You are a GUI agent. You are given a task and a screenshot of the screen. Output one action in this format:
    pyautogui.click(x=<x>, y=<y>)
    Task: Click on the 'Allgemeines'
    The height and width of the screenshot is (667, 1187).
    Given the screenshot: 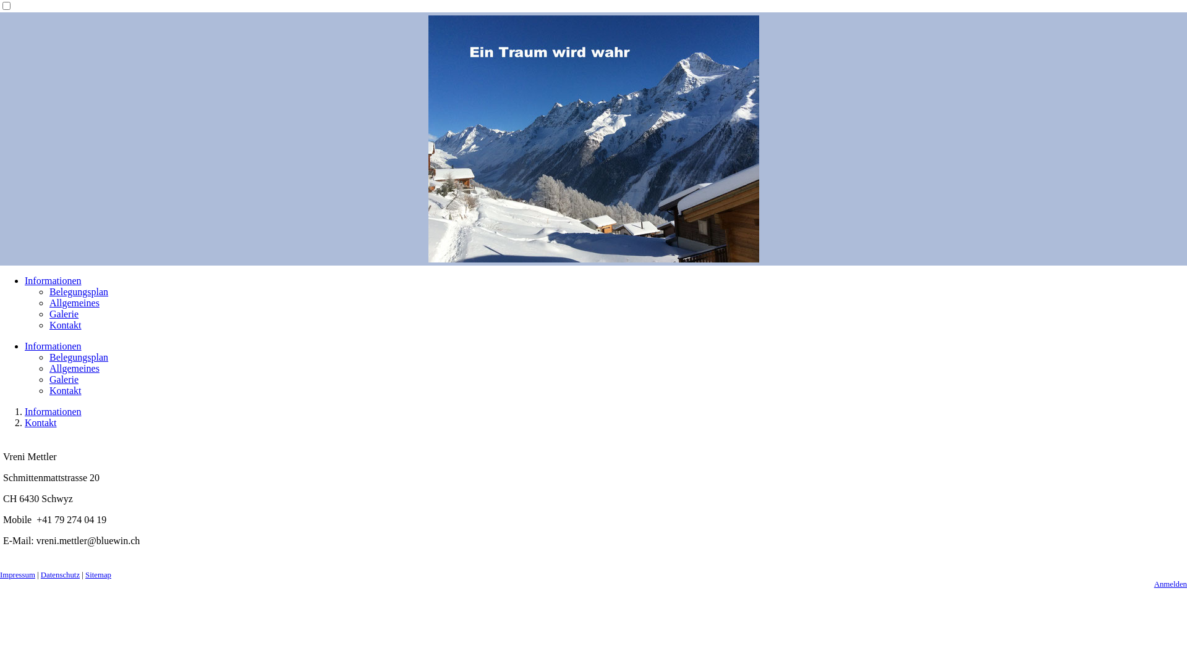 What is the action you would take?
    pyautogui.click(x=74, y=367)
    